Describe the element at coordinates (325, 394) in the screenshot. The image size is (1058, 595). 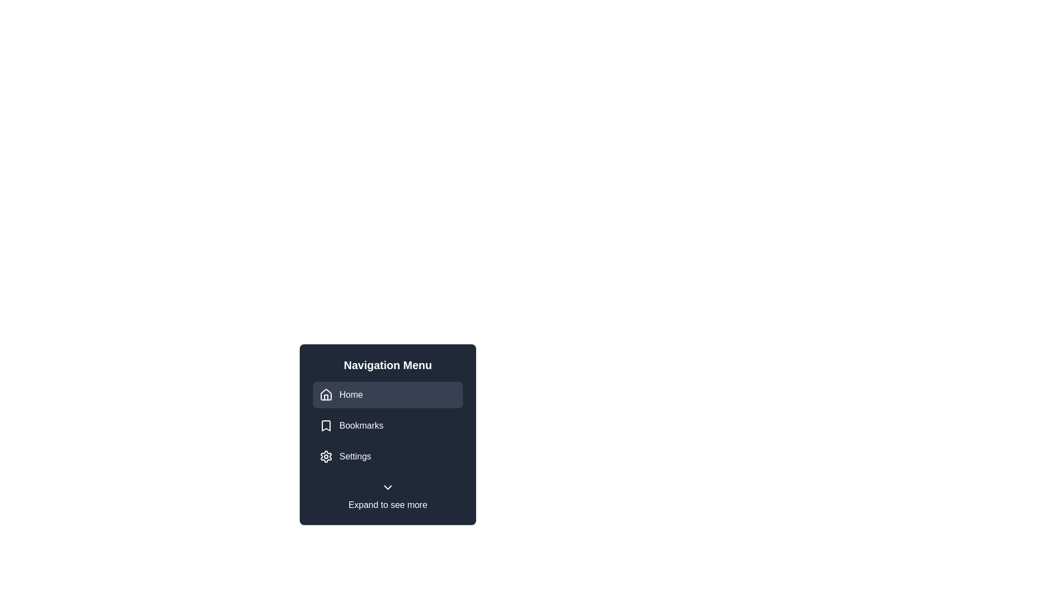
I see `the house graphic icon located in the navigation menu next to the 'Home' label` at that location.